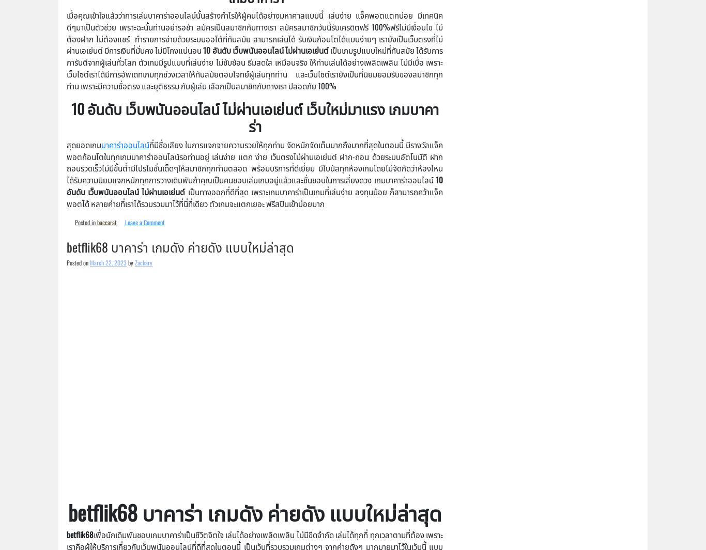  Describe the element at coordinates (66, 161) in the screenshot. I see `'ที่มีชื่อเสียง ในการแจกจายความรวยให้ทุกท่าน จัดหนักจัดเต็มมากถึงมากที่สุดในตอนนี้ มีรางวัลแจ็คพอตก้อนโตในทุกเกมบาคาร่าออนไลน์รอท่านอยู่ เล่นง่าย แตก ง่าย เว็บตรงไม่ผ่านเอเย่นต์ ฝาก-ถอน ด้วยระบบอัตโนมัติ ฝากถอนรวดเร็วไม่มีขั้นต่ำมีโปรโมชั่นเด็ดๆให้สมาชิกทุกท่านตลอด พร้อมบริการที่ดีเยี่ยม มีโบนัสทุกห้องเกมโดยไม่จัดกัดว่าห้องไหนได้รับความนิยมแจกหนักทุกการวางเดิมพันถ้าคุณเป็นคนชอบเล่นเกมอยู่แล้วและชื่นชอบในการเสี่ยงดวง เกมบาคาร่าออนไลน์'` at that location.